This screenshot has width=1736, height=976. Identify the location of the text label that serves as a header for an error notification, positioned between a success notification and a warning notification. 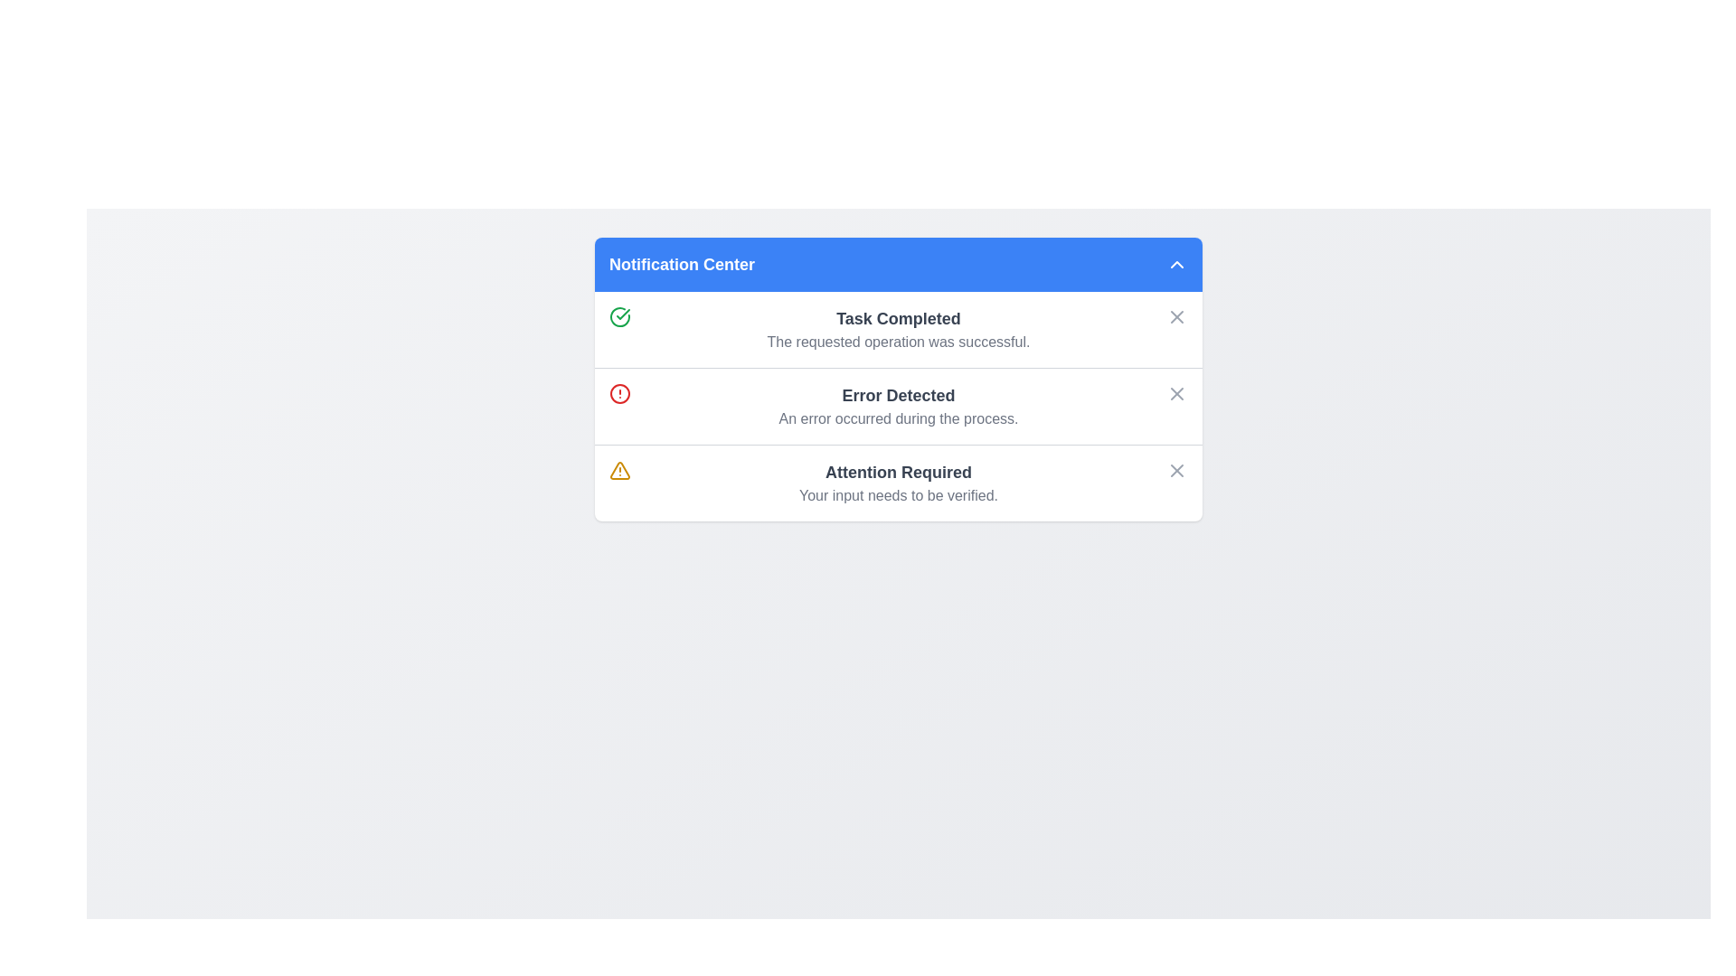
(898, 395).